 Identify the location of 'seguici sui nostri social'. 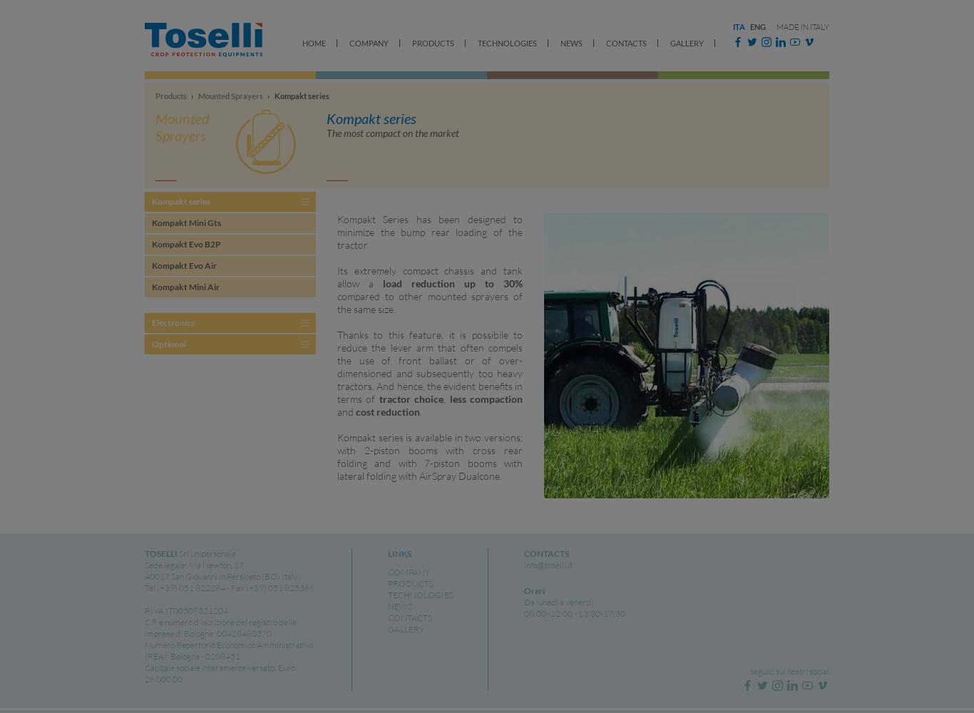
(789, 670).